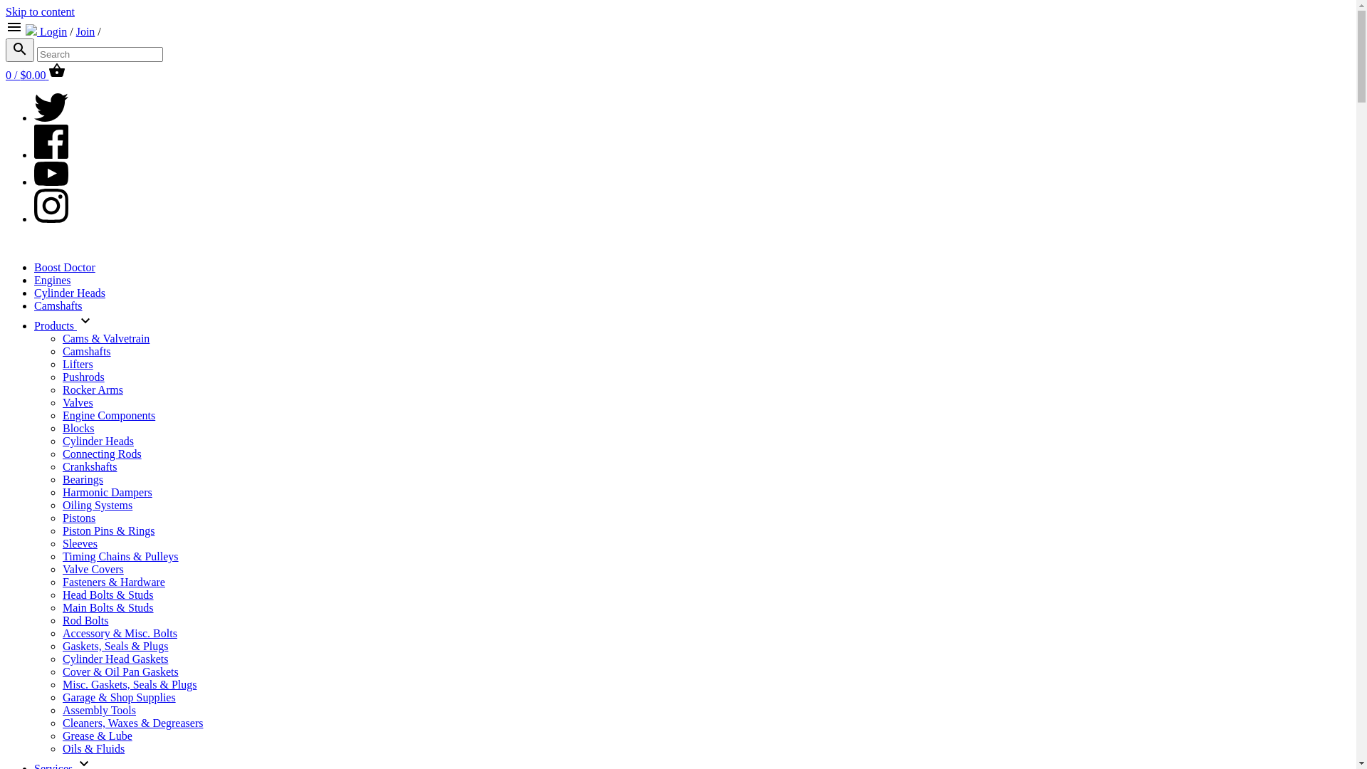 The width and height of the screenshot is (1367, 769). What do you see at coordinates (108, 607) in the screenshot?
I see `'Main Bolts & Studs'` at bounding box center [108, 607].